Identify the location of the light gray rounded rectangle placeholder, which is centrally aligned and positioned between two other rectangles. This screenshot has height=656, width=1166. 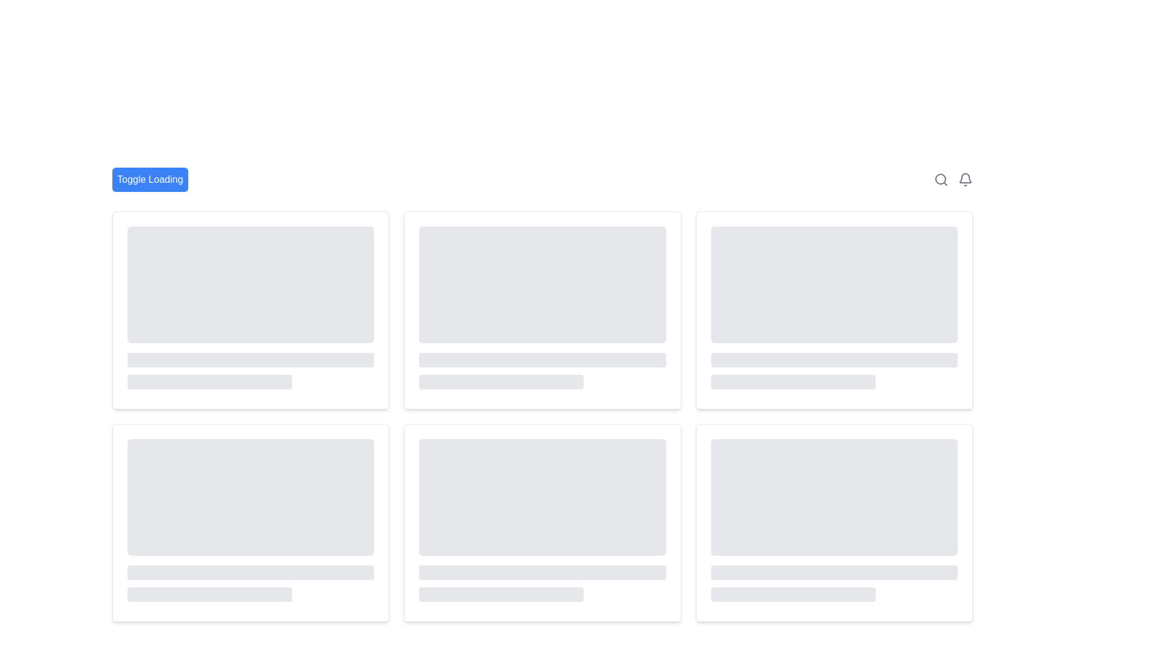
(250, 360).